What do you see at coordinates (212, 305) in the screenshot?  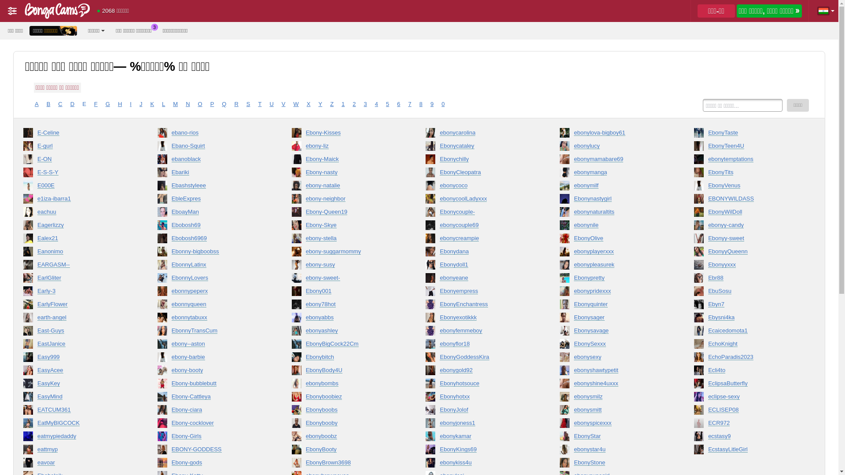 I see `'ebonnyqueen'` at bounding box center [212, 305].